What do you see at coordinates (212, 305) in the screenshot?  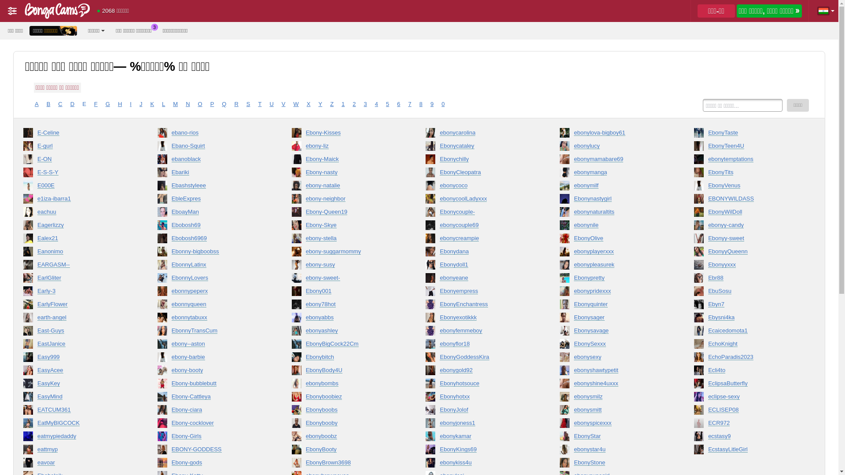 I see `'ebonnyqueen'` at bounding box center [212, 305].